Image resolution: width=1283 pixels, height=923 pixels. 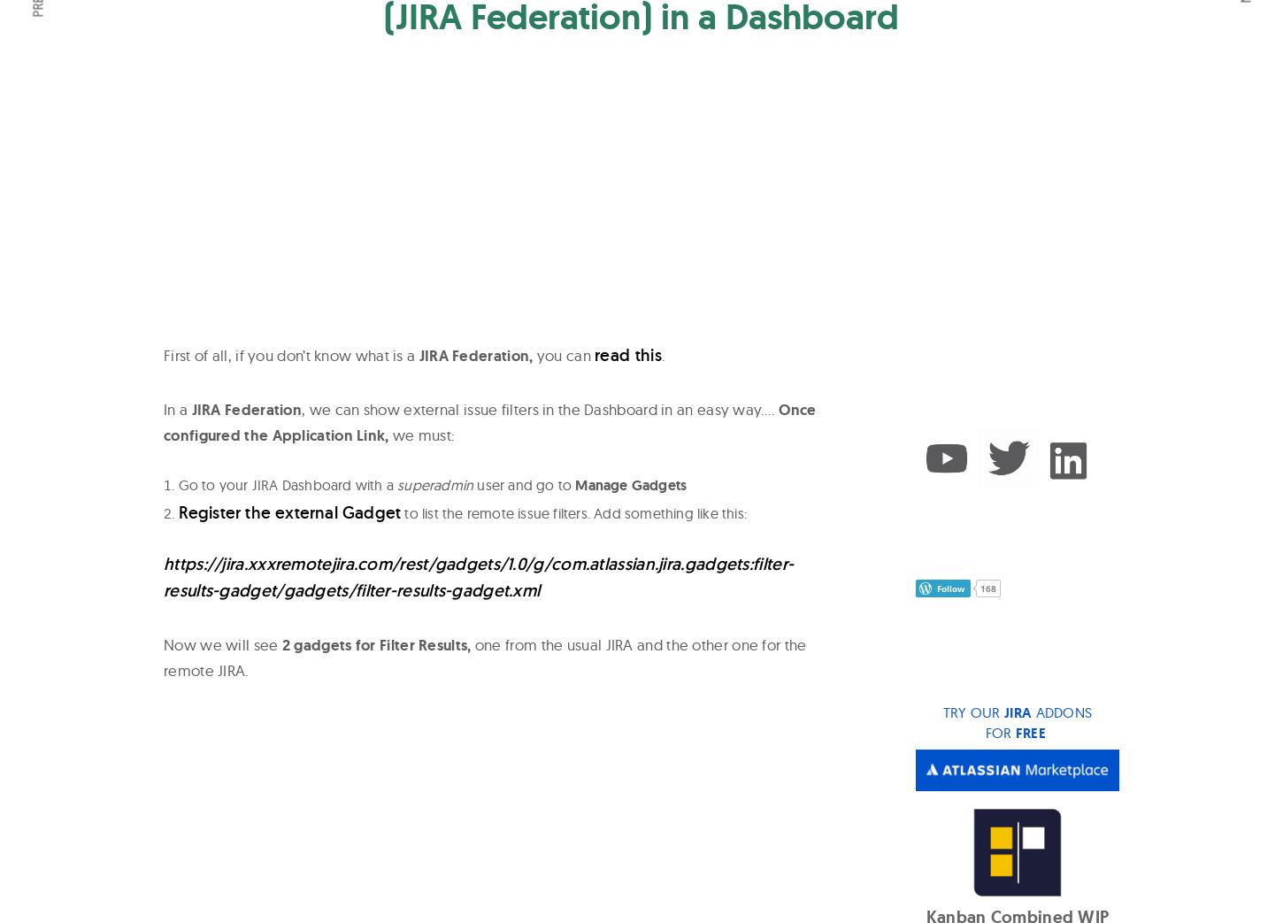 What do you see at coordinates (942, 711) in the screenshot?
I see `'TRY OUR'` at bounding box center [942, 711].